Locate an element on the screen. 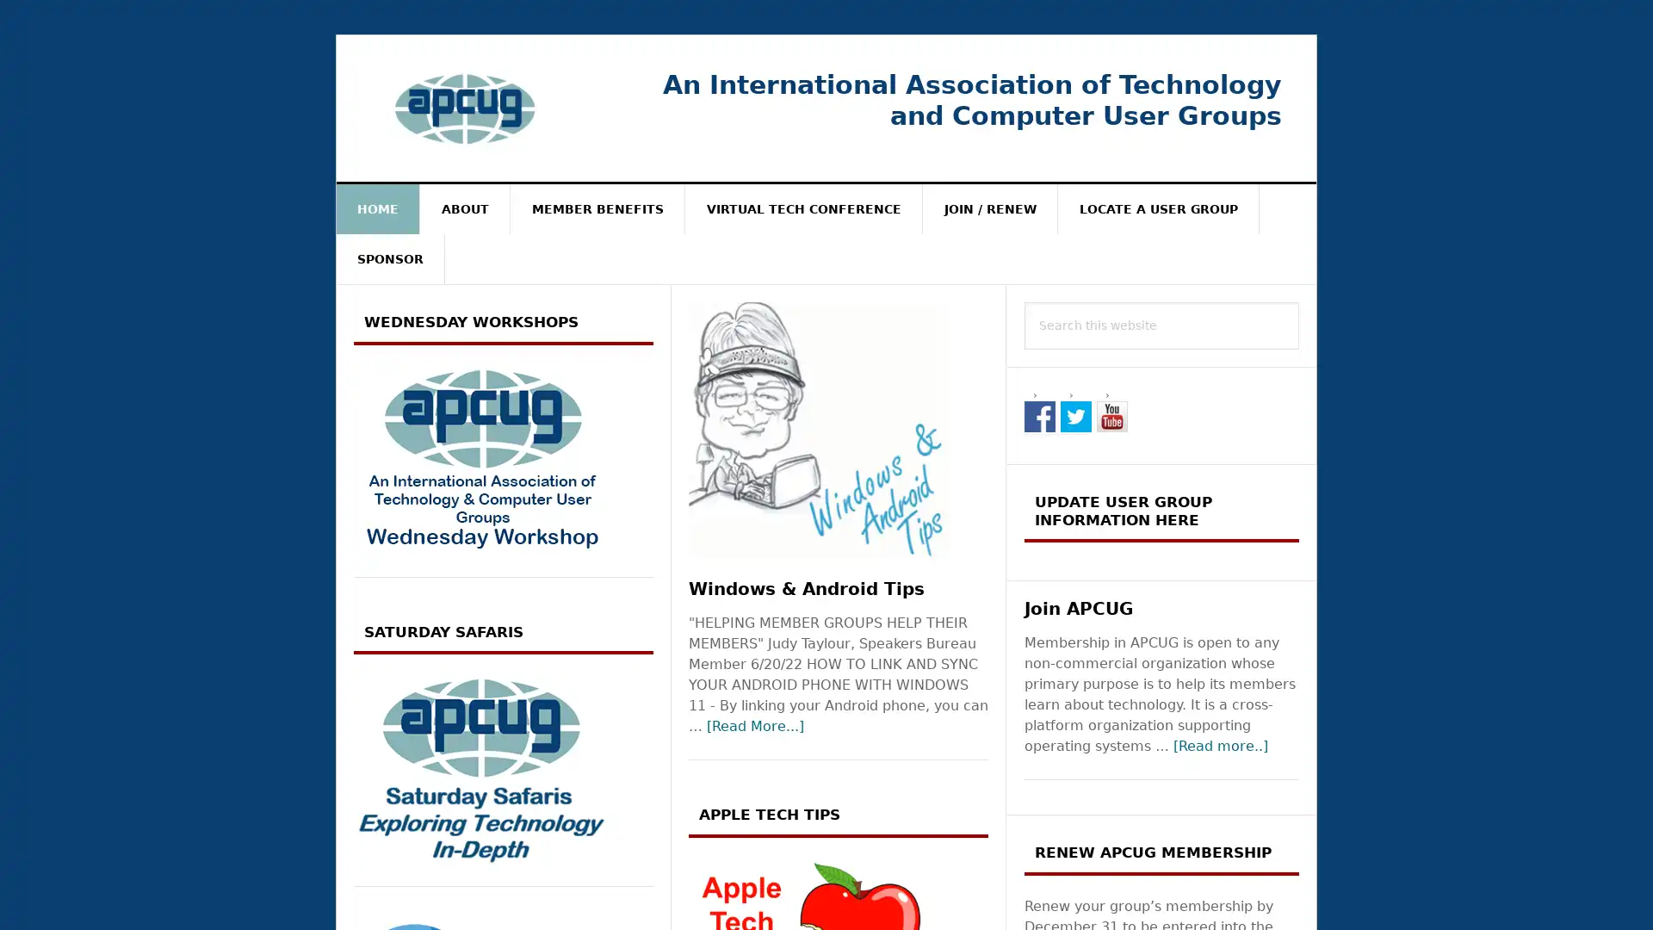 The width and height of the screenshot is (1653, 930). Search is located at coordinates (1299, 301).